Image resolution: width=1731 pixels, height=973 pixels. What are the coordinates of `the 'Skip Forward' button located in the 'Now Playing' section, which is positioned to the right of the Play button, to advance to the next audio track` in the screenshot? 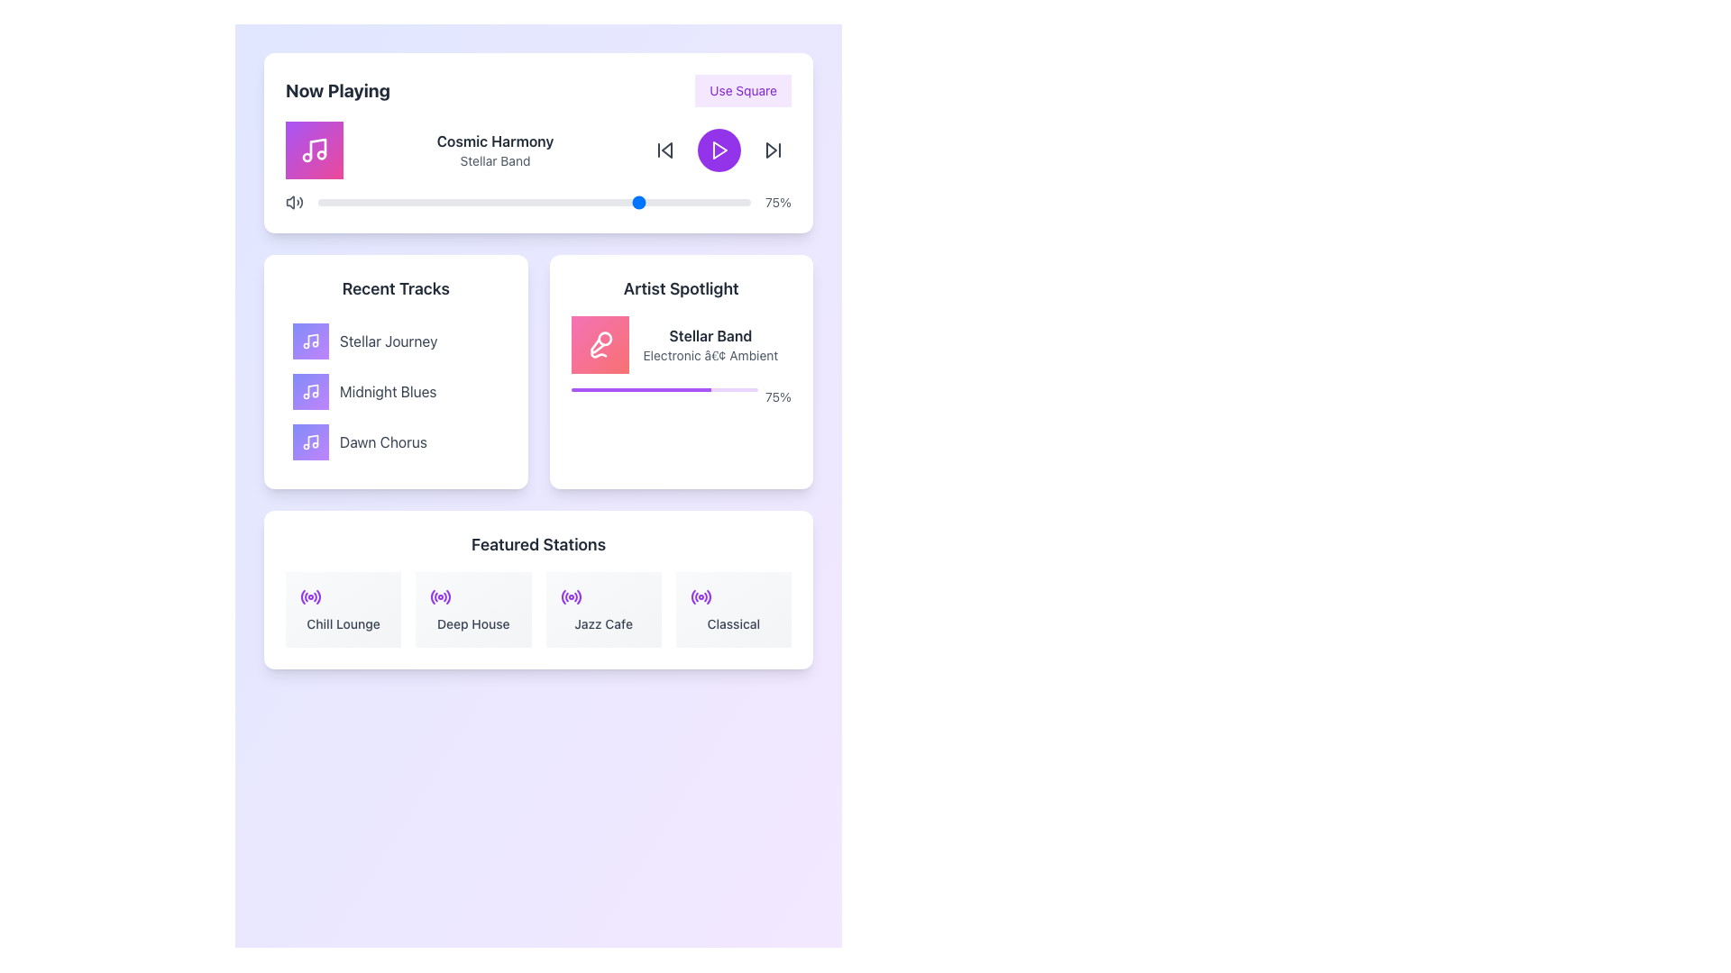 It's located at (774, 149).